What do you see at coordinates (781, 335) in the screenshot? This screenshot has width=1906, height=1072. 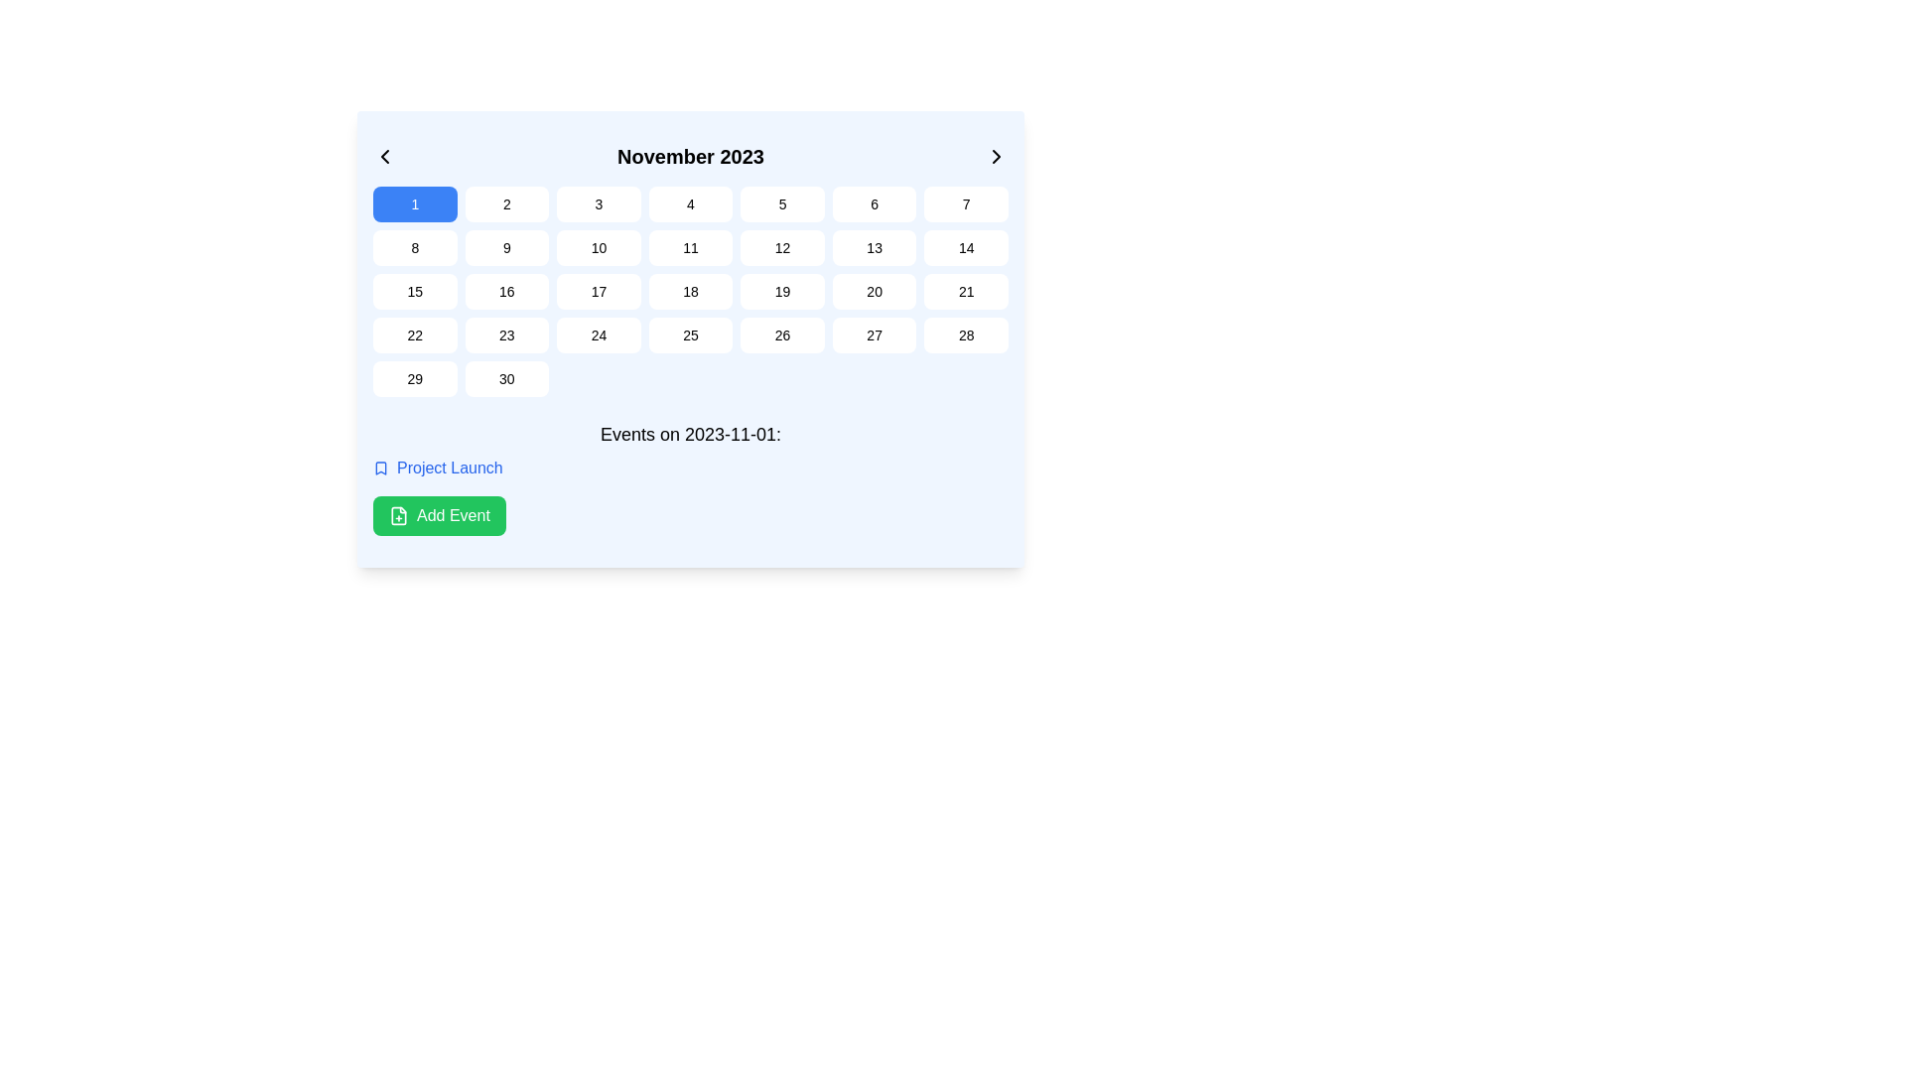 I see `the square-shaped button with a rounded border and black text '26' centered inside, located in the last row of the calendar grid, fifth column` at bounding box center [781, 335].